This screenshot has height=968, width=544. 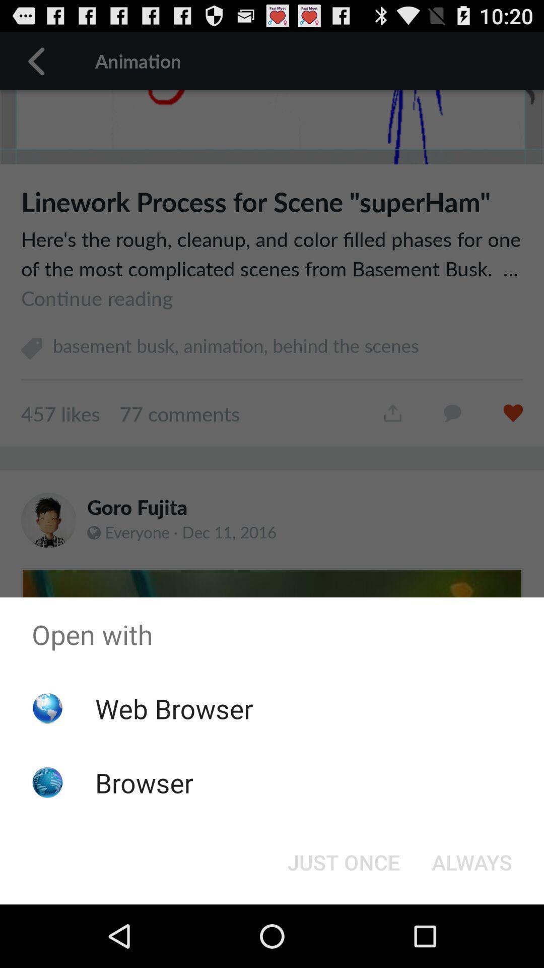 What do you see at coordinates (472, 861) in the screenshot?
I see `the icon below the open with app` at bounding box center [472, 861].